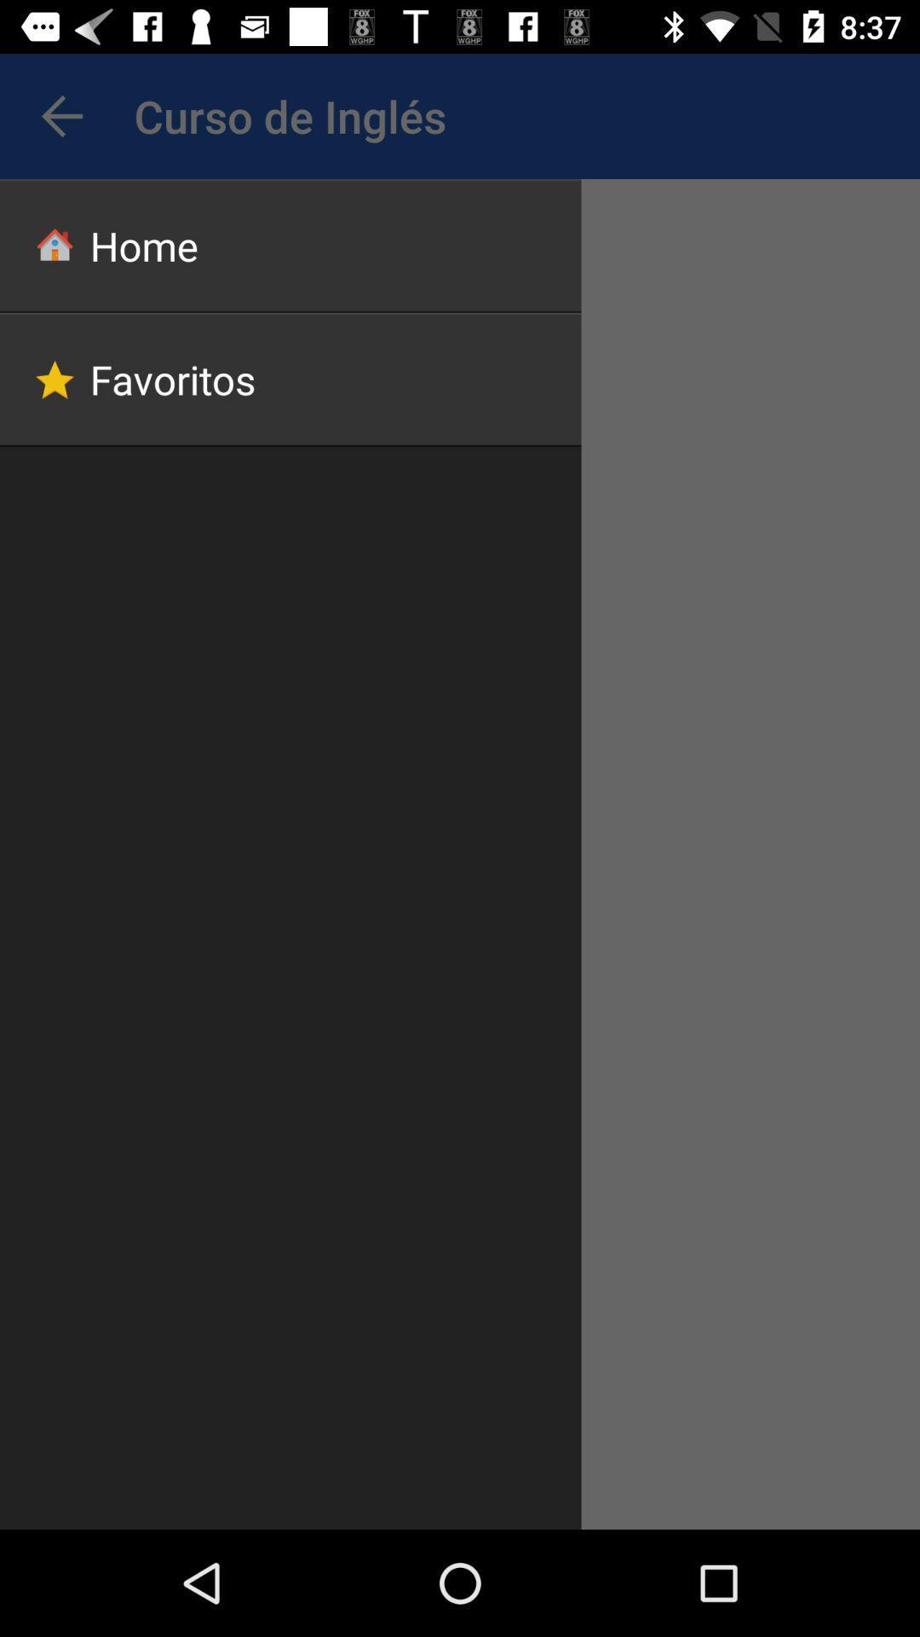 The image size is (920, 1637). What do you see at coordinates (290, 245) in the screenshot?
I see `home icon` at bounding box center [290, 245].